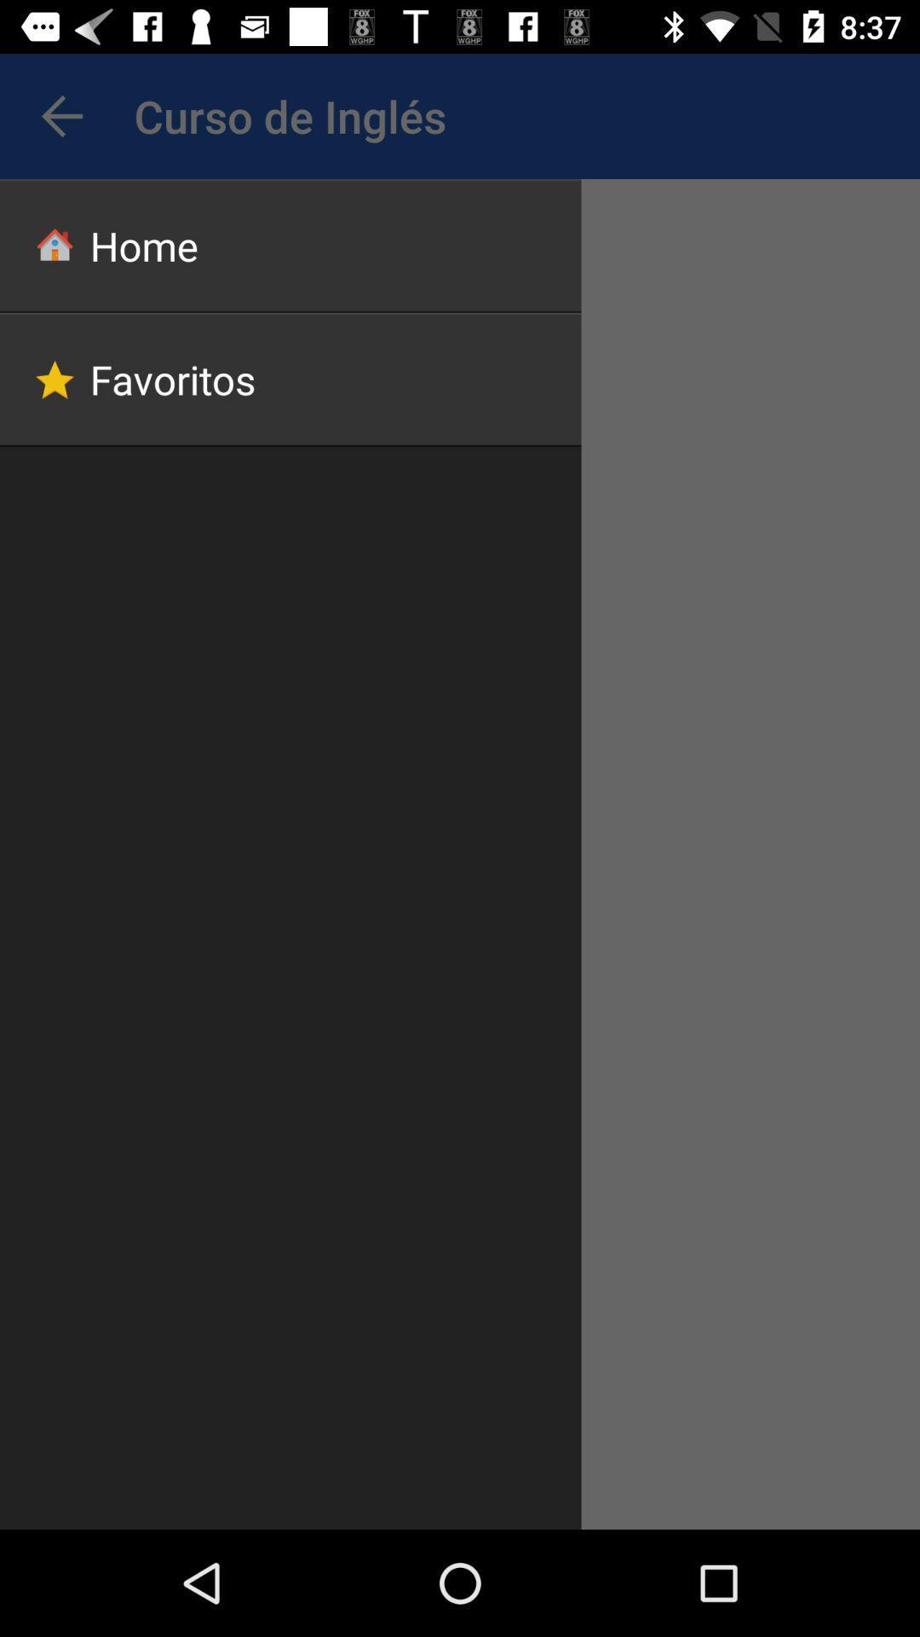 The image size is (920, 1637). What do you see at coordinates (290, 245) in the screenshot?
I see `home icon` at bounding box center [290, 245].